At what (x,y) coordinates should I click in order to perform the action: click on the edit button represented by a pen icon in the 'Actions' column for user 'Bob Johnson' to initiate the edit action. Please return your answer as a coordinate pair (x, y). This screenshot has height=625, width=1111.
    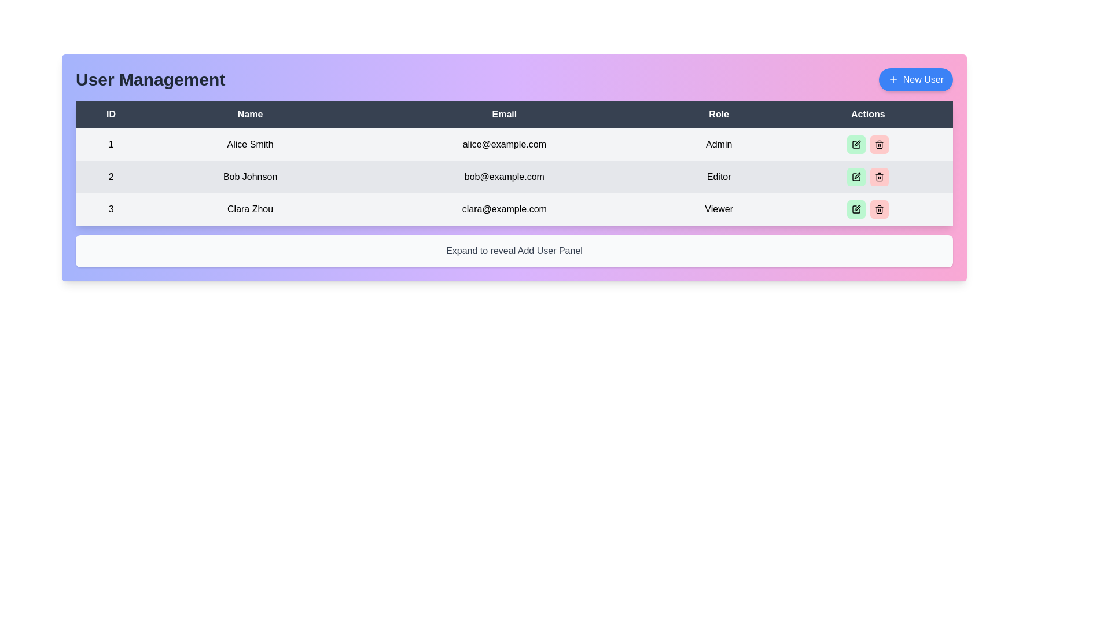
    Looking at the image, I should click on (856, 177).